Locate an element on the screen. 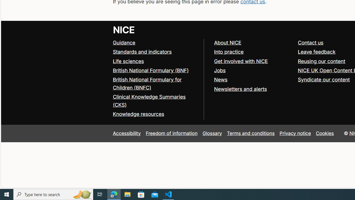  'Syndicate our content' is located at coordinates (324, 79).